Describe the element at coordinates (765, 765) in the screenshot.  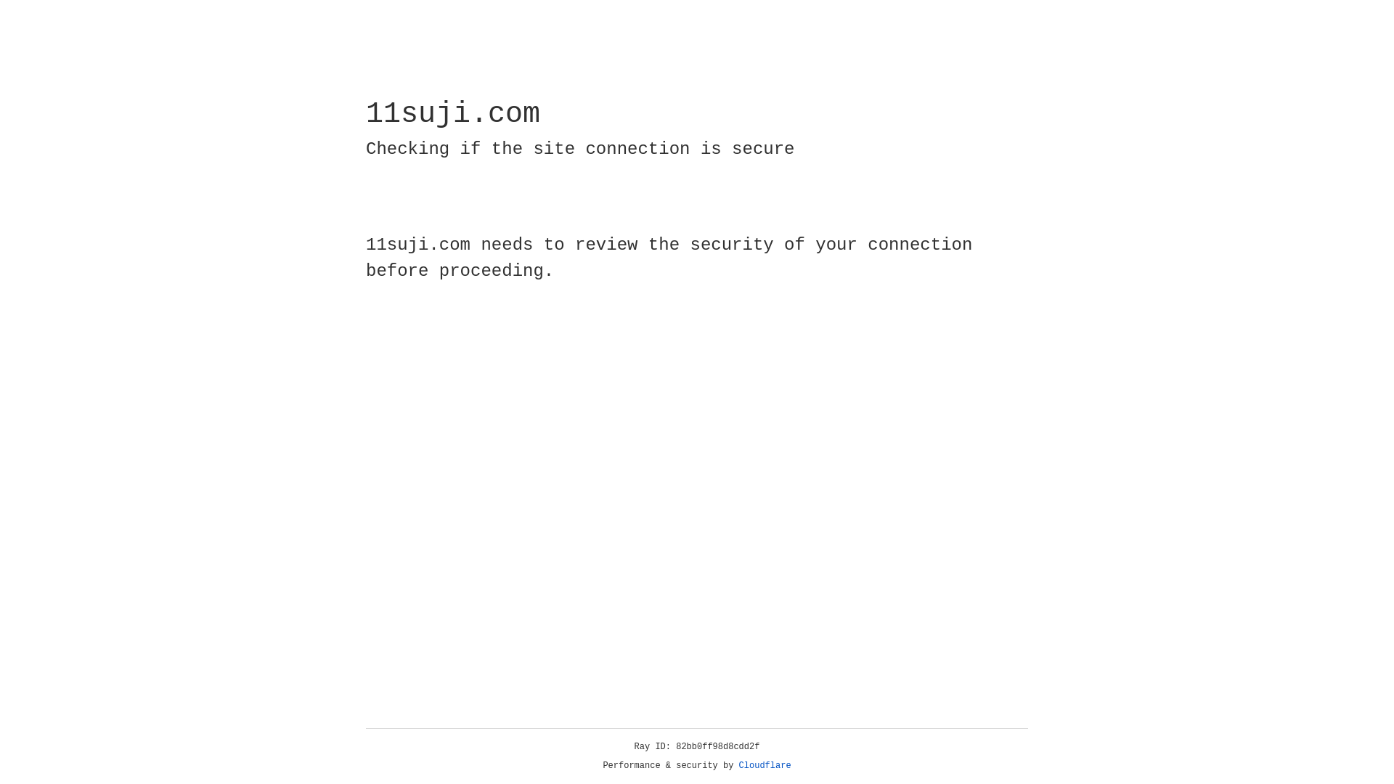
I see `'Cloudflare'` at that location.